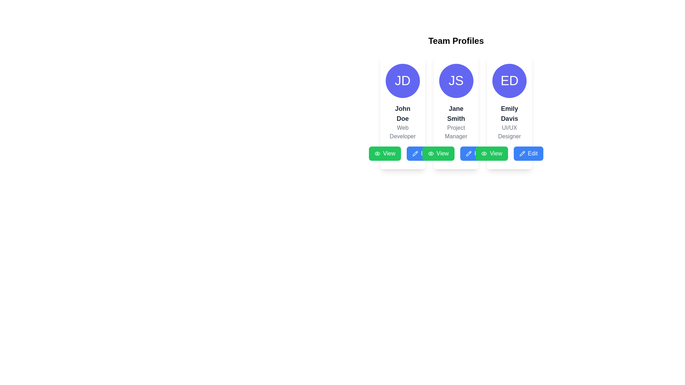 Image resolution: width=685 pixels, height=385 pixels. What do you see at coordinates (456, 81) in the screenshot?
I see `the circular profile badge with a purple background and white initials 'JS' located at the top of the second profile card in the 'Team Profiles' section` at bounding box center [456, 81].